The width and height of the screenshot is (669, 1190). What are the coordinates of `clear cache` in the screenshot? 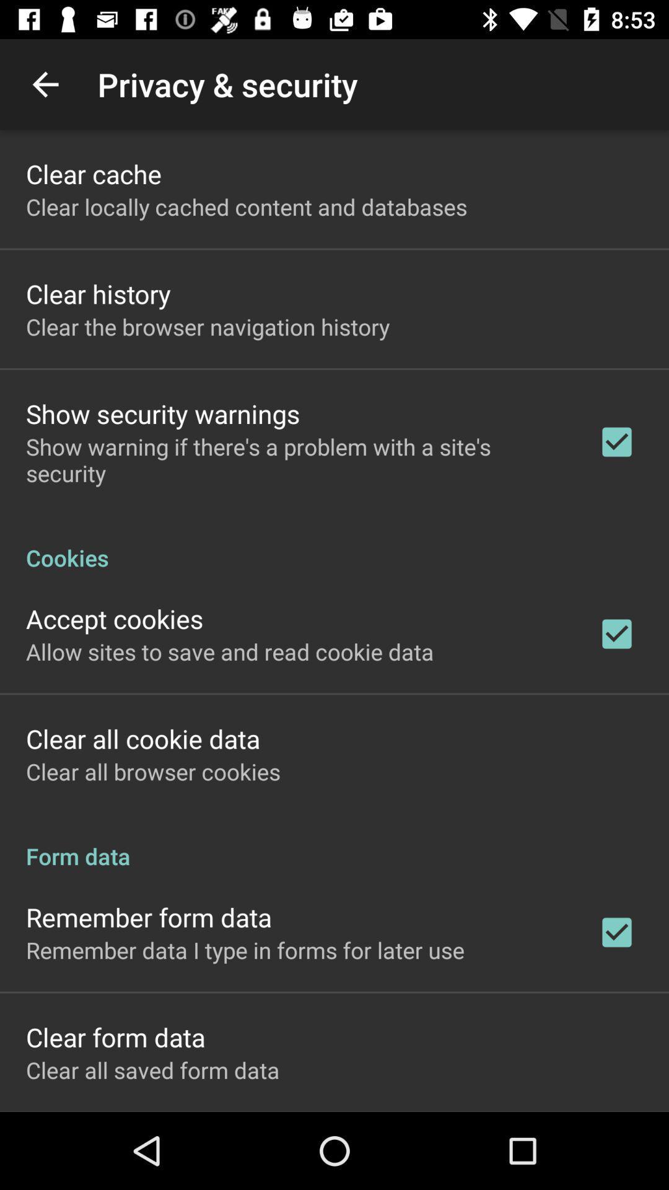 It's located at (93, 173).